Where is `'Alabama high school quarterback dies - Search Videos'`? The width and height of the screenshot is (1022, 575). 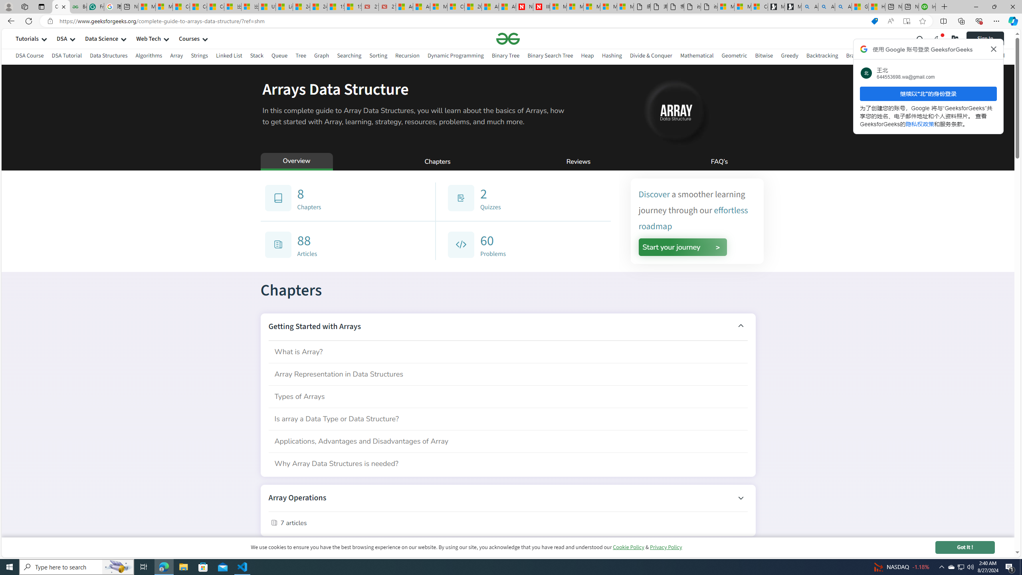 'Alabama high school quarterback dies - Search Videos' is located at coordinates (843, 6).